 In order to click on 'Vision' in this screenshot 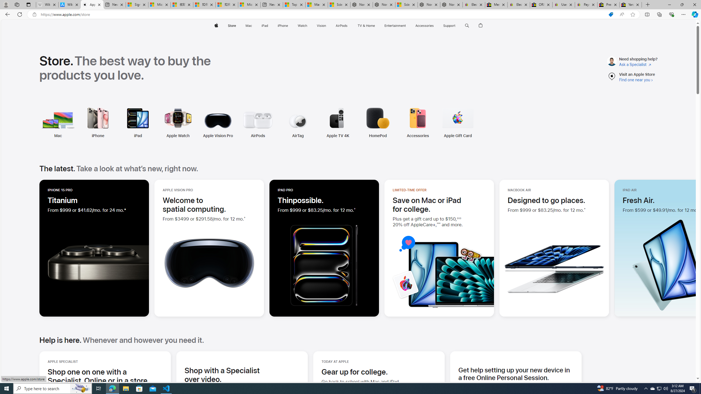, I will do `click(321, 25)`.